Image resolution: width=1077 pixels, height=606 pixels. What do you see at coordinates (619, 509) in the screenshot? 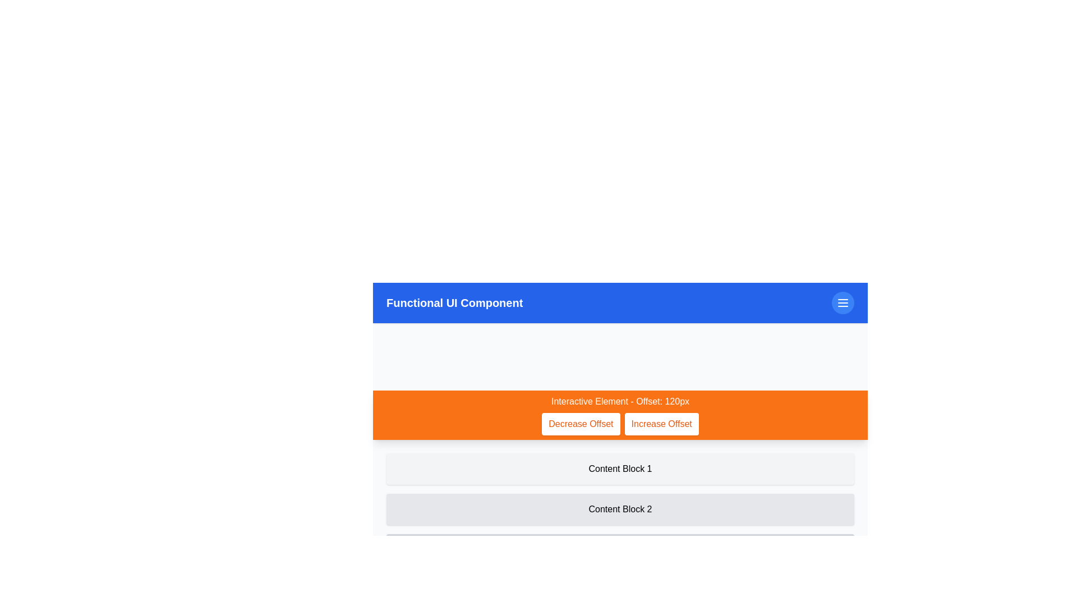
I see `to select or interact with the second content block labeled 'Content Block 2', which is centrally positioned below the orange interactive element in a vertical stack` at bounding box center [619, 509].